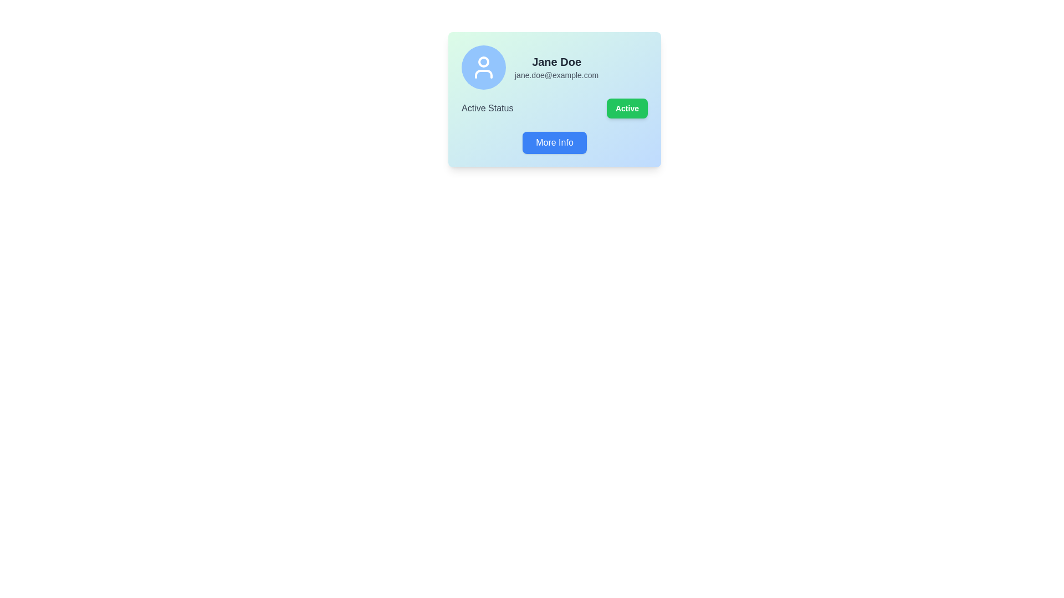  Describe the element at coordinates (555, 142) in the screenshot. I see `the button located at the bottom center of the user information card, beneath the 'Active Status' label and 'Active' button` at that location.